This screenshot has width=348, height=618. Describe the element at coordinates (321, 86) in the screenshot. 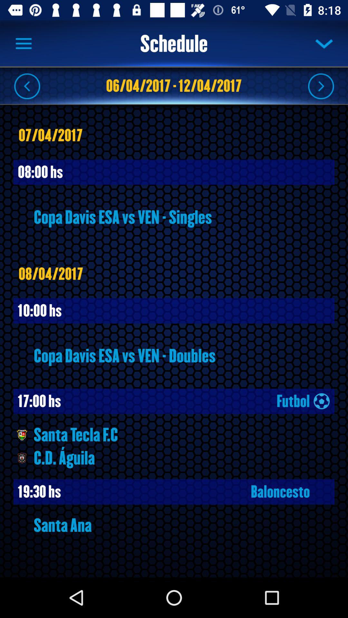

I see `the arrow_forward icon` at that location.